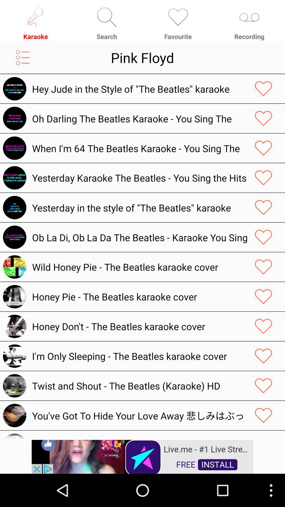 This screenshot has width=285, height=507. Describe the element at coordinates (263, 89) in the screenshot. I see `to favorites` at that location.